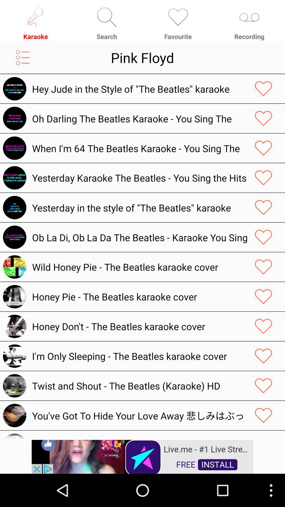 This screenshot has width=285, height=507. Describe the element at coordinates (263, 89) in the screenshot. I see `to favorites` at that location.